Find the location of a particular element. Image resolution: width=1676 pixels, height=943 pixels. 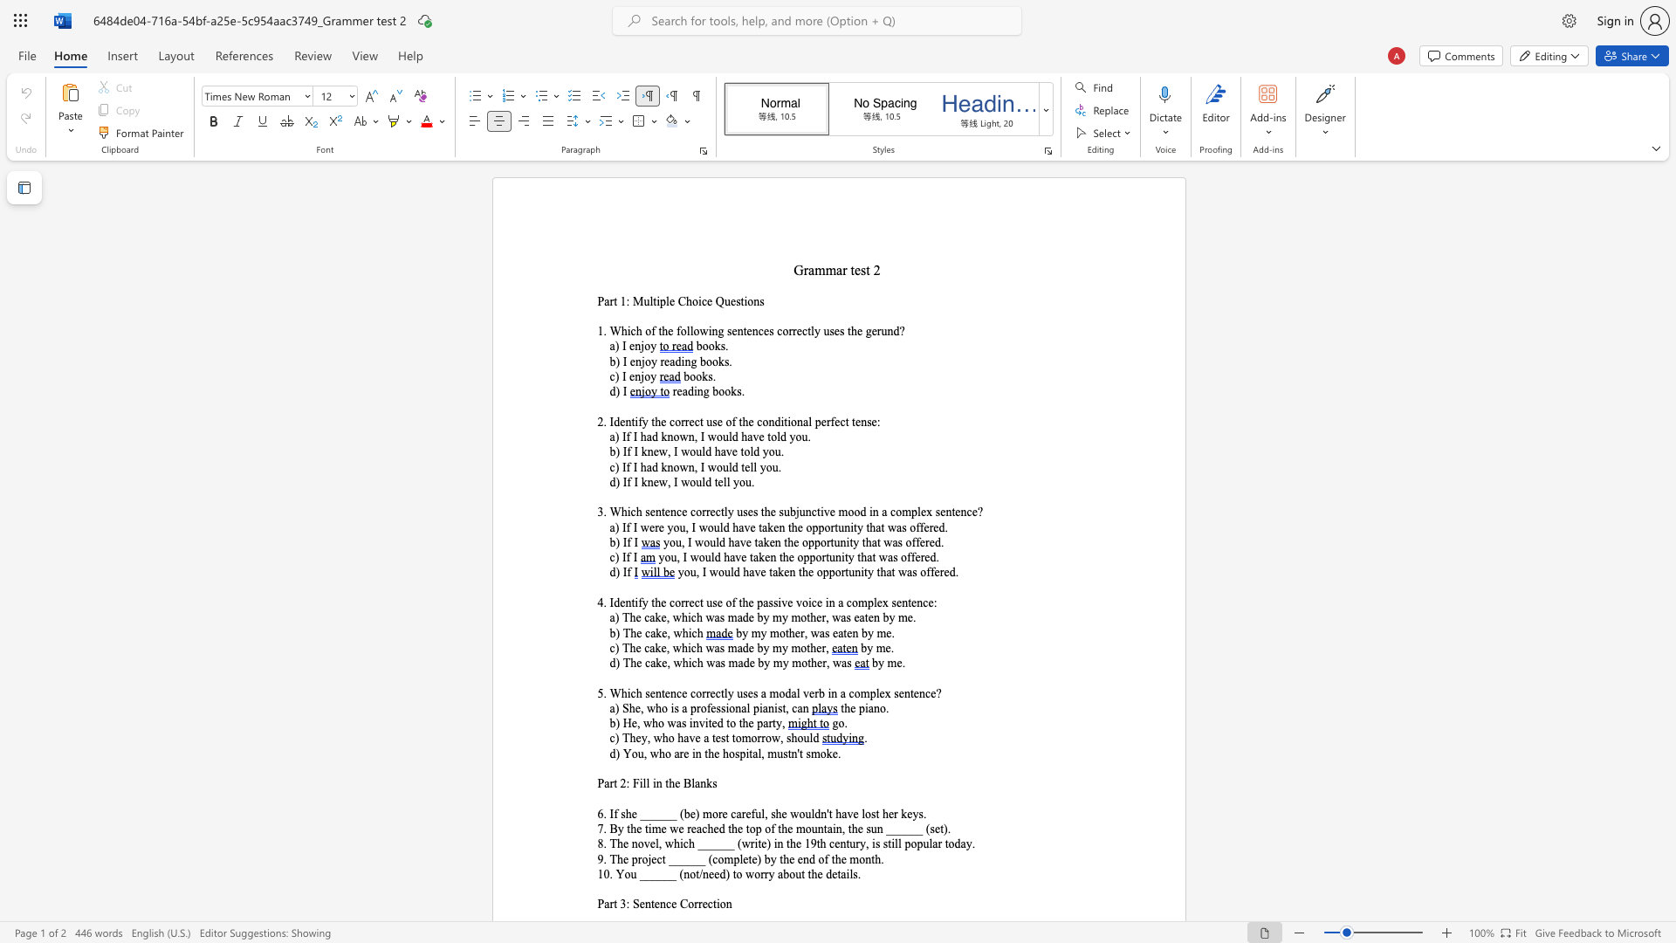

the subset text "ich sentence correctly uses a modal verb in a com" within the text "5. Which sentence correctly uses a modal verb in a complex sentence?" is located at coordinates (627, 692).